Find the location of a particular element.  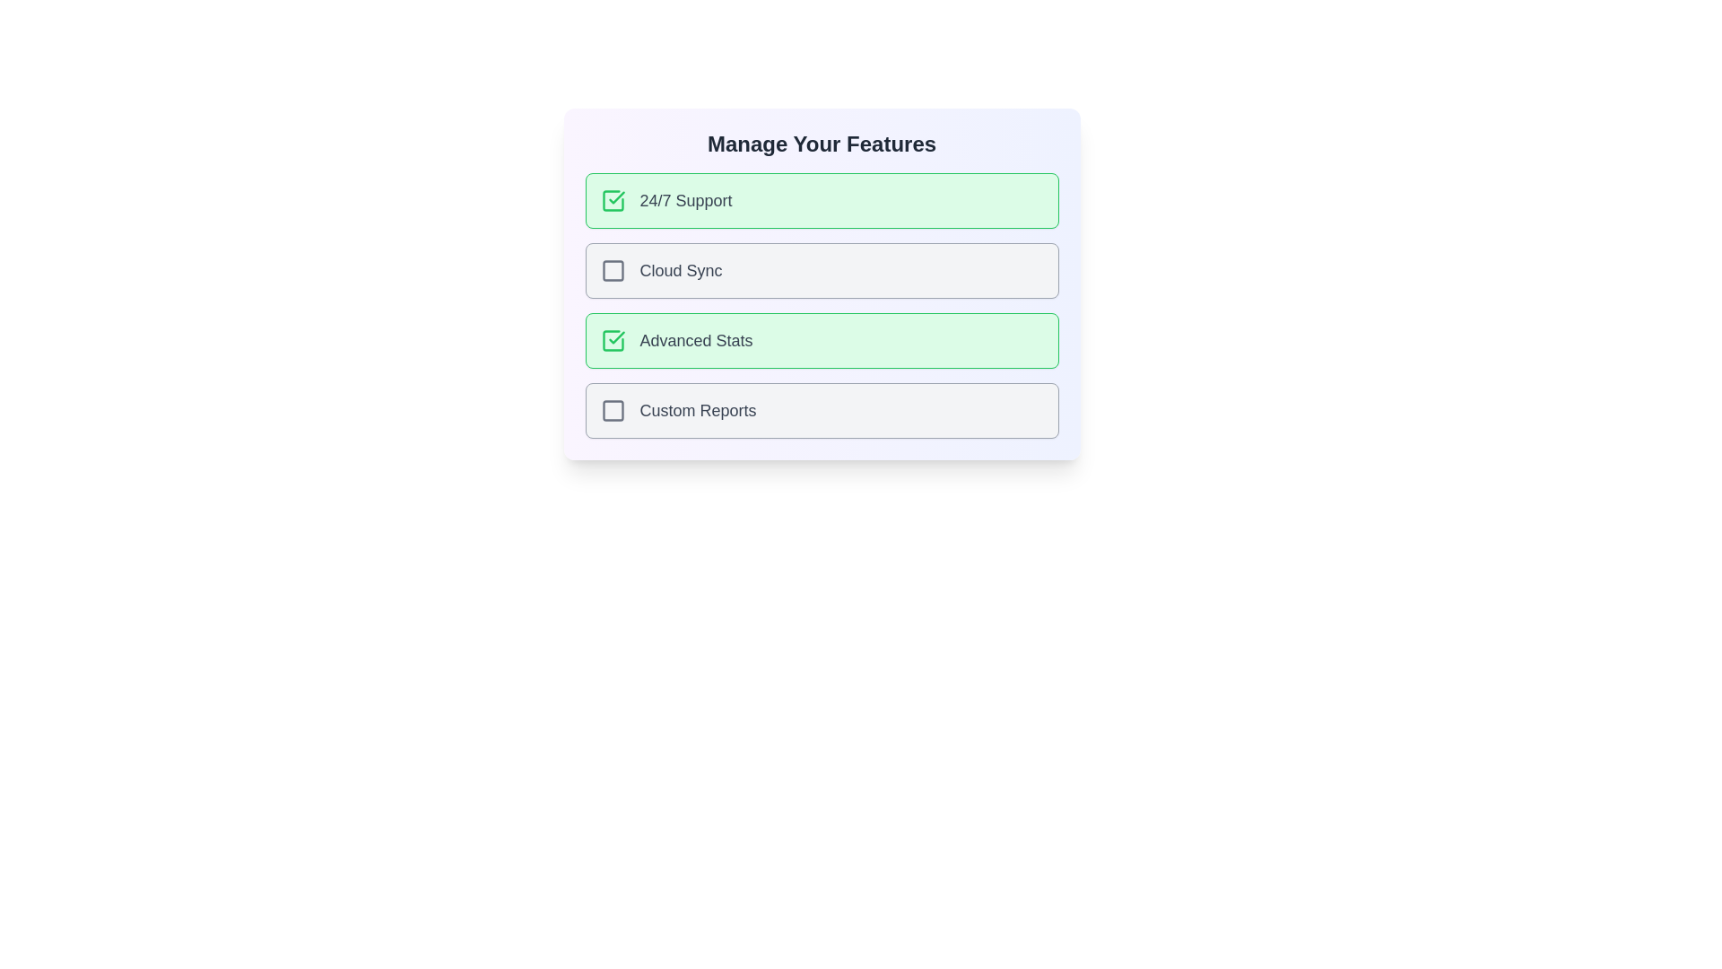

the third selectable option box in the vertical list, which is positioned below 'Cloud Sync' and above 'Custom Reports' is located at coordinates (821, 304).